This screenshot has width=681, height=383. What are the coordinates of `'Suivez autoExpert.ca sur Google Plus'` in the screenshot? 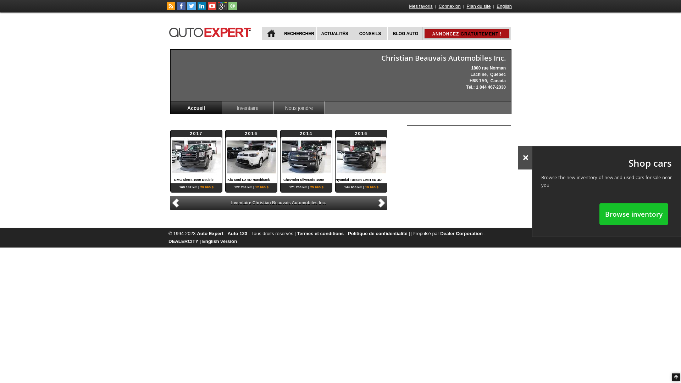 It's located at (222, 9).